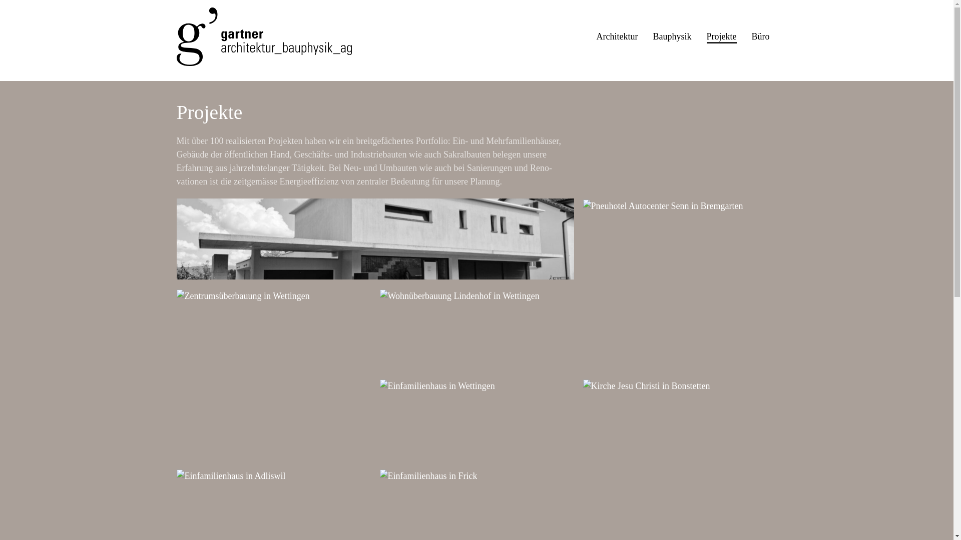 This screenshot has width=961, height=540. I want to click on 'Projekte', so click(721, 36).